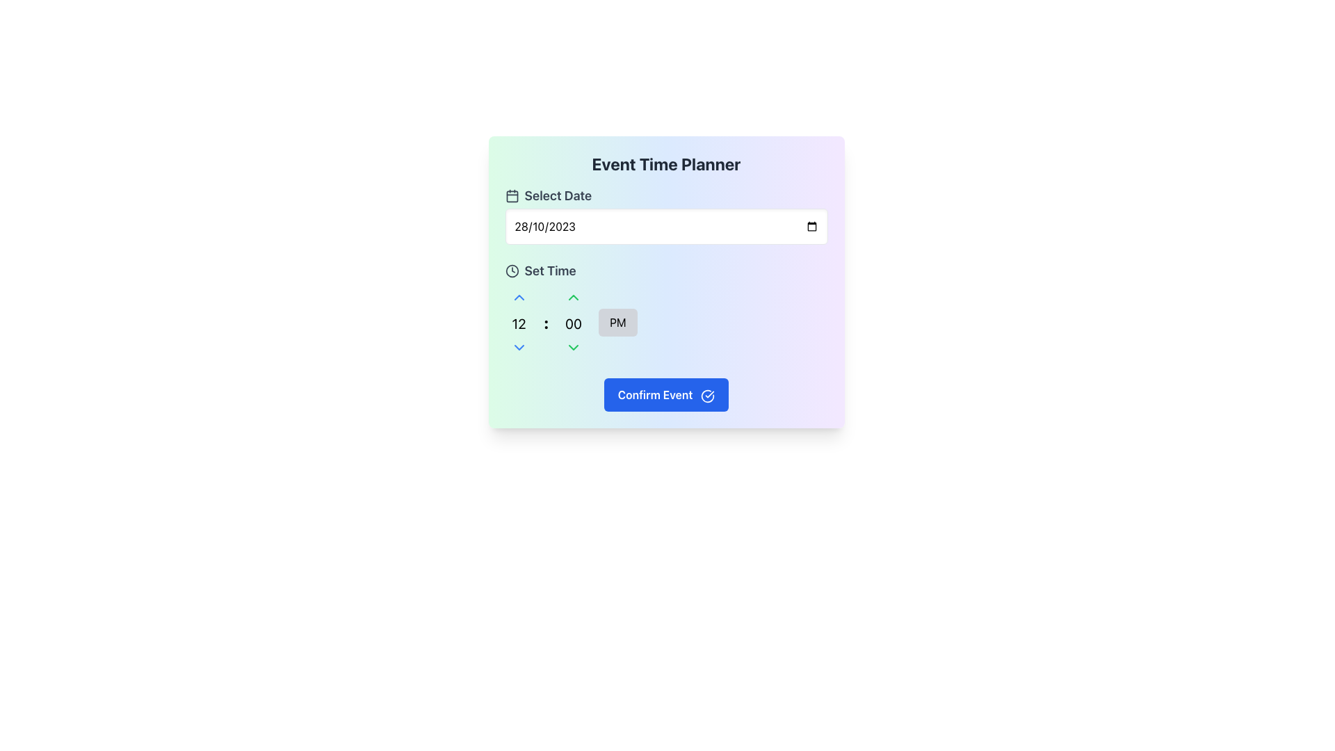 The width and height of the screenshot is (1335, 751). Describe the element at coordinates (665, 322) in the screenshot. I see `the Time Picker Component located in the bottom section of the 'Set Time' group` at that location.